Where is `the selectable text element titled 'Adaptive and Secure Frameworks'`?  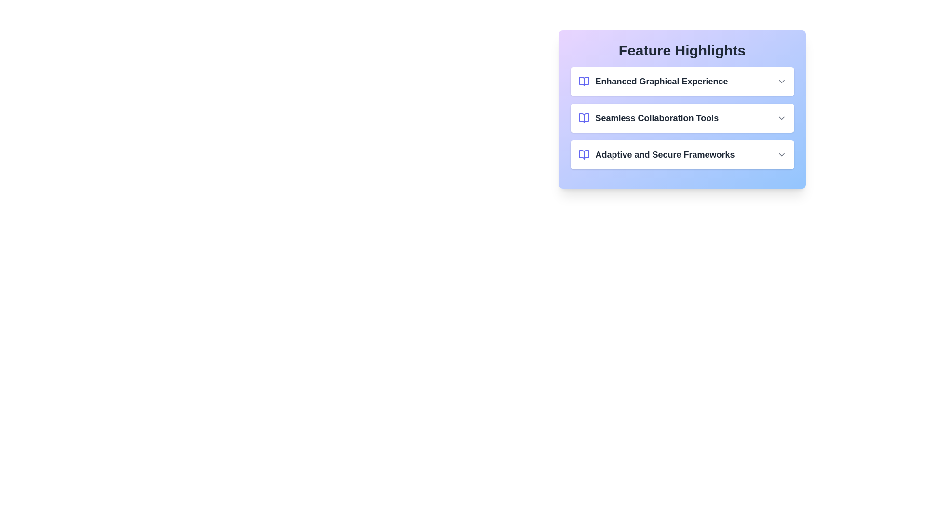 the selectable text element titled 'Adaptive and Secure Frameworks' is located at coordinates (665, 154).